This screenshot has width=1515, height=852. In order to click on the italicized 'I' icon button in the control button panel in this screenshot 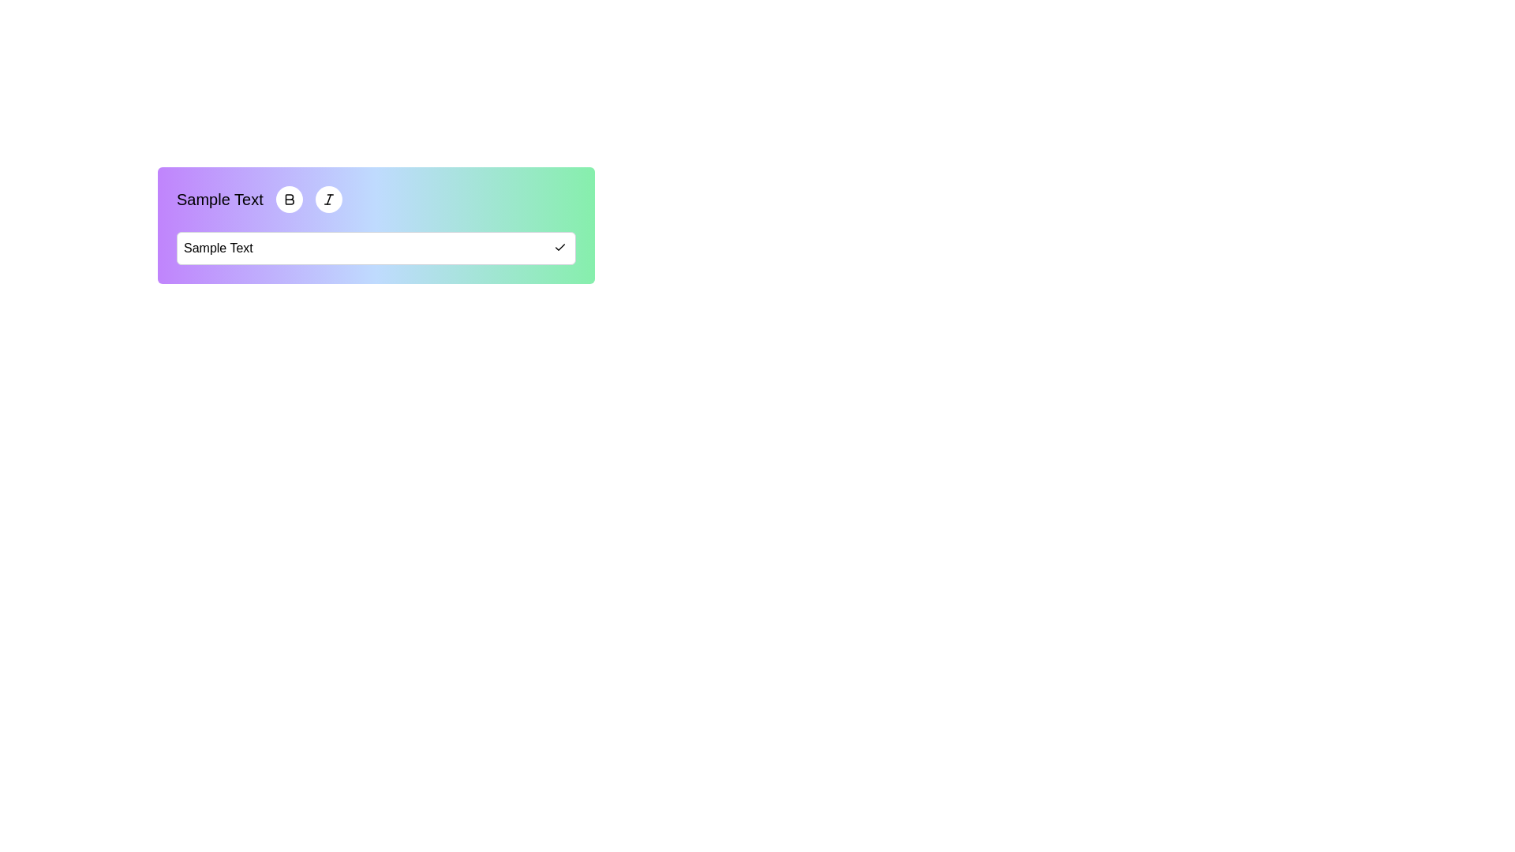, I will do `click(327, 199)`.